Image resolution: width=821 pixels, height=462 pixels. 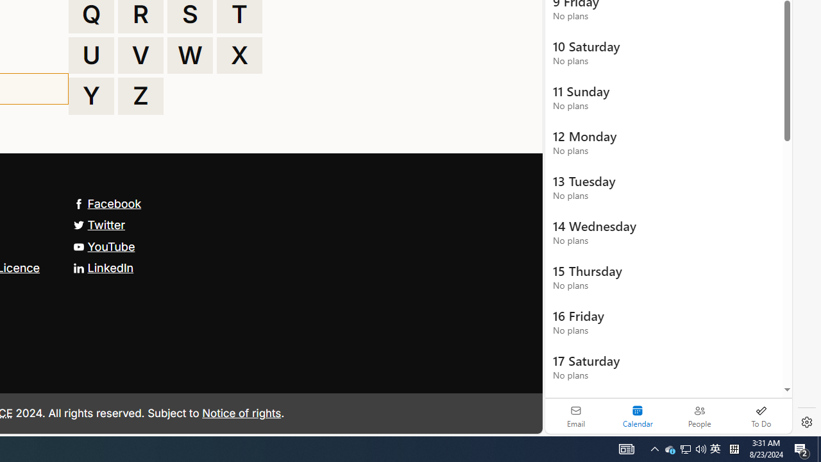 I want to click on 'Selected calendar module. Date today is 22', so click(x=638, y=416).